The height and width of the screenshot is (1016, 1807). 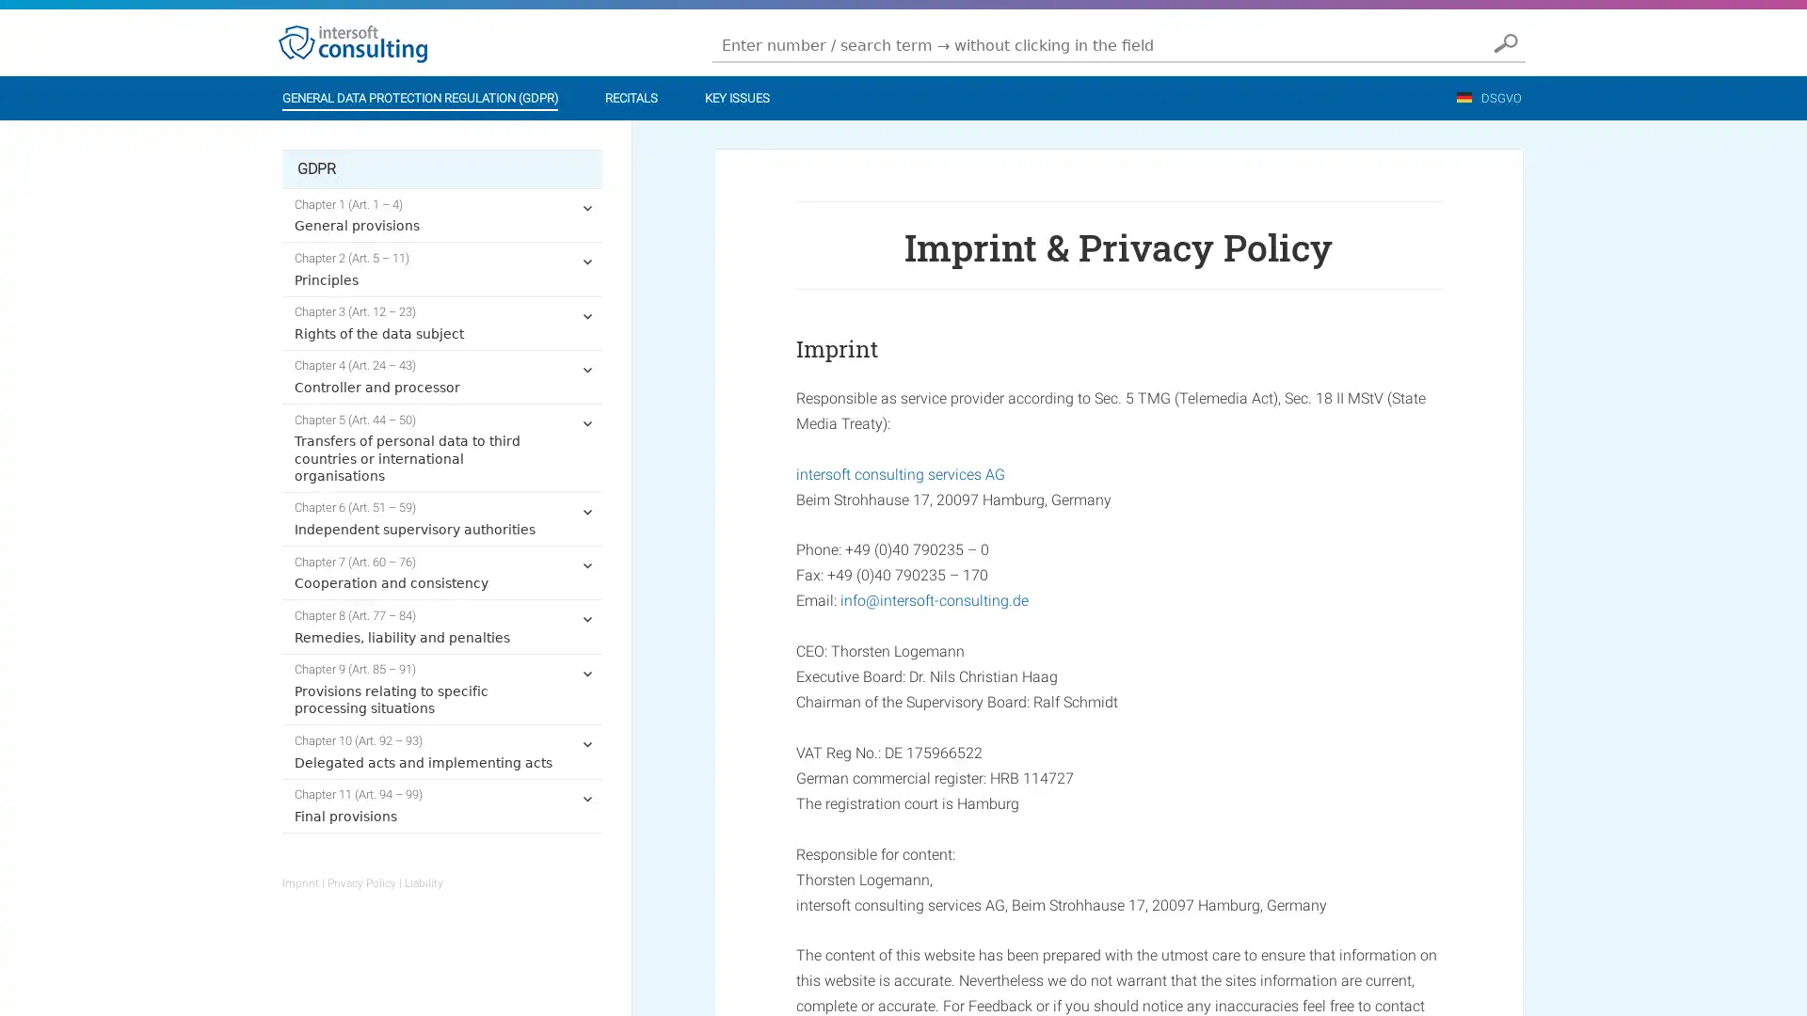 I want to click on expand child menu, so click(x=586, y=655).